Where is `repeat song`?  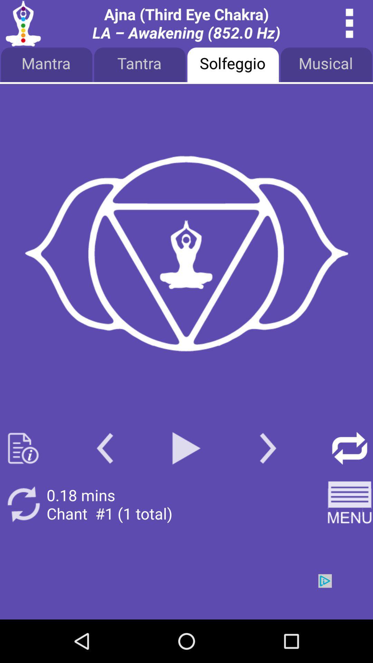
repeat song is located at coordinates (350, 448).